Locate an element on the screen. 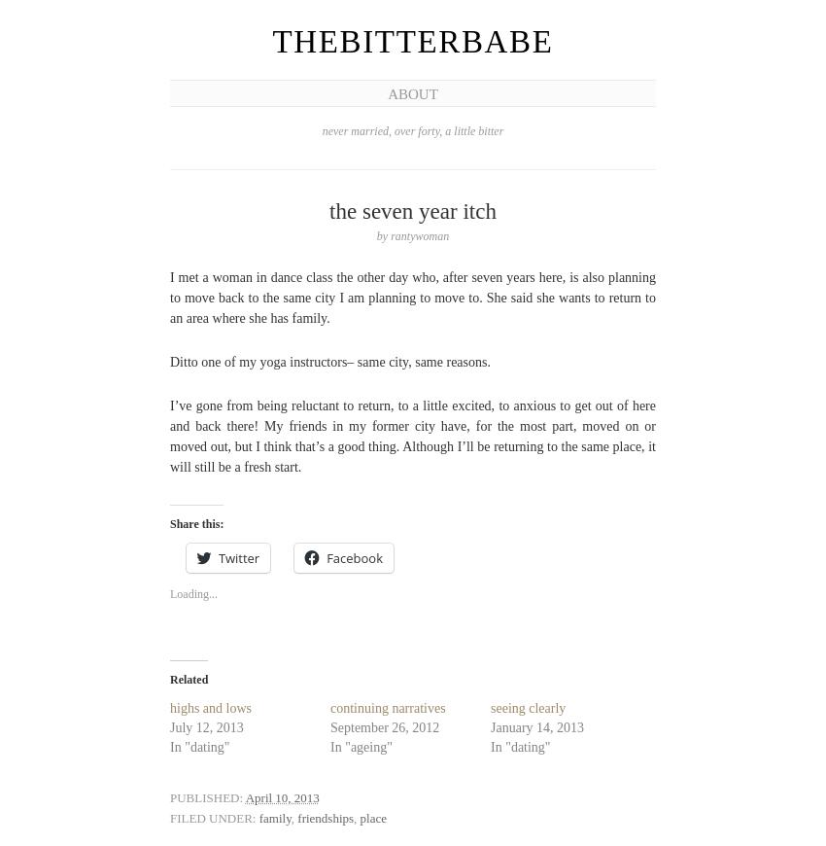 The height and width of the screenshot is (846, 826). 'Twitter' is located at coordinates (238, 555).